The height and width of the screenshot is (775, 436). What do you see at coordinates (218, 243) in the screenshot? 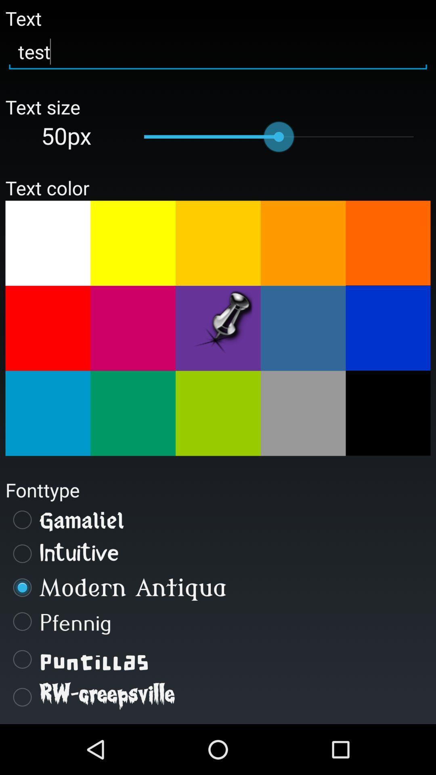
I see `text color light orange` at bounding box center [218, 243].